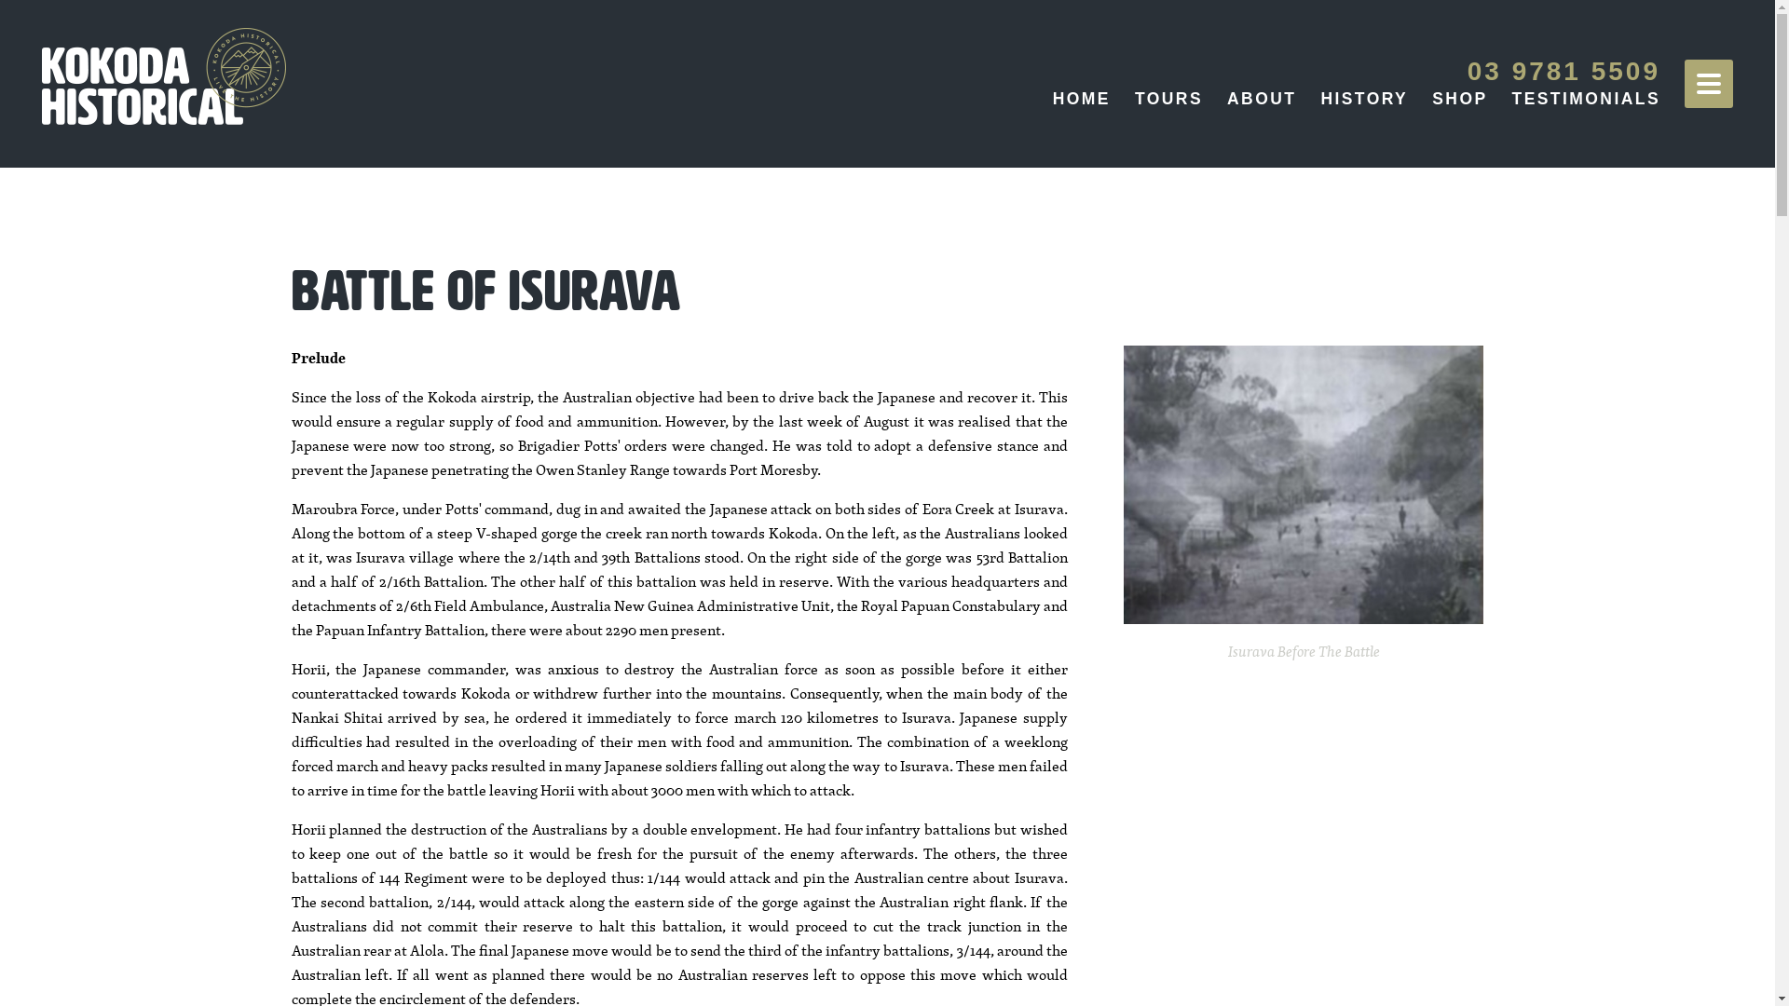 The image size is (1789, 1006). I want to click on '03 9781 5509', so click(1564, 70).